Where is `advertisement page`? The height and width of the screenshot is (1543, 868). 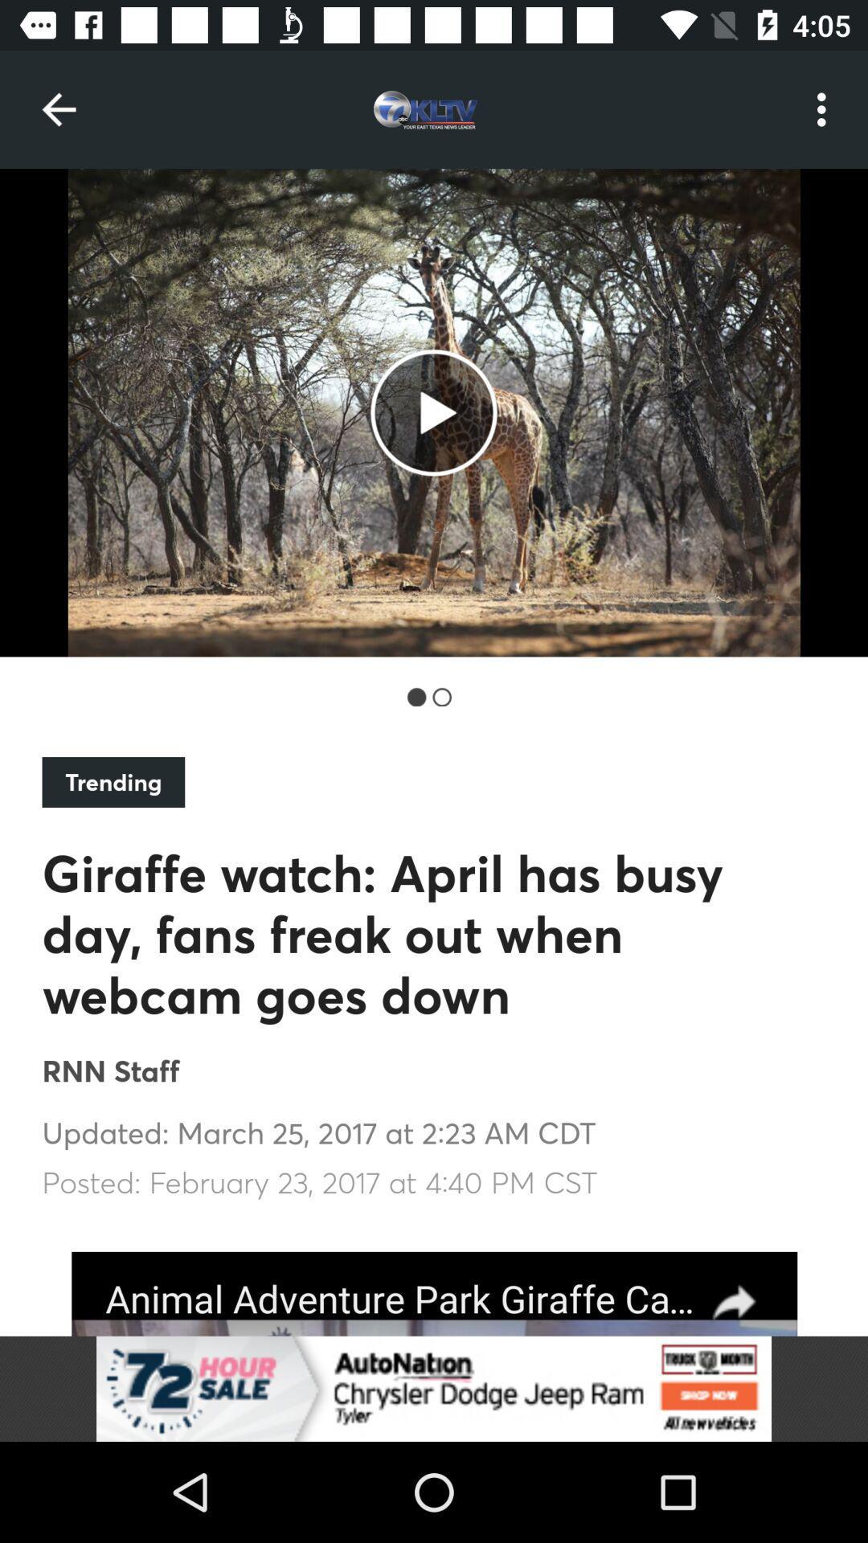 advertisement page is located at coordinates (434, 1294).